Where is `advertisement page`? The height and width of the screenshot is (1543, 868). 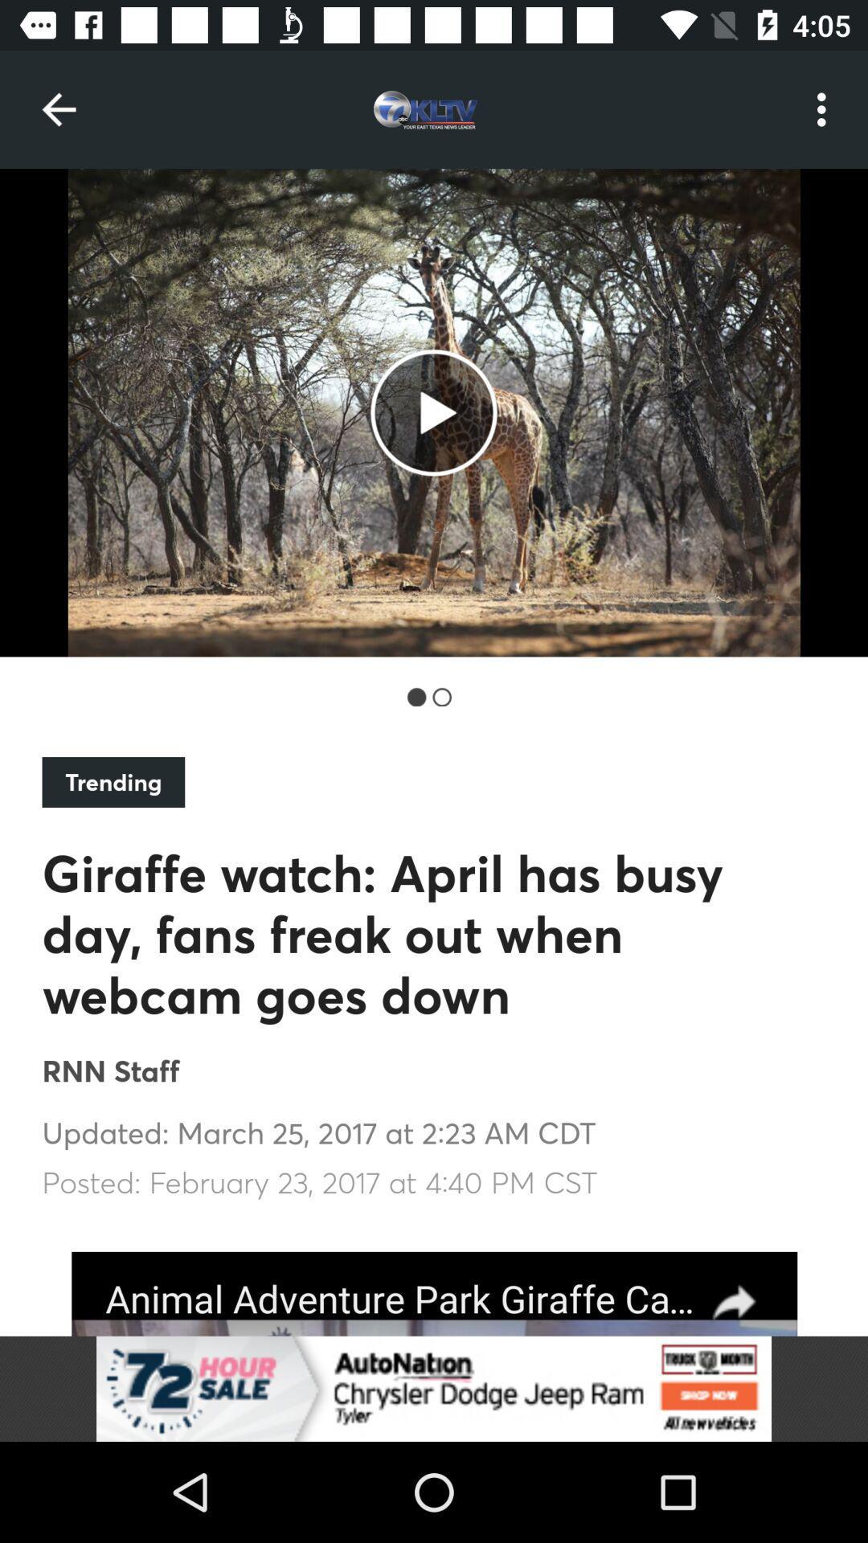 advertisement page is located at coordinates (434, 1294).